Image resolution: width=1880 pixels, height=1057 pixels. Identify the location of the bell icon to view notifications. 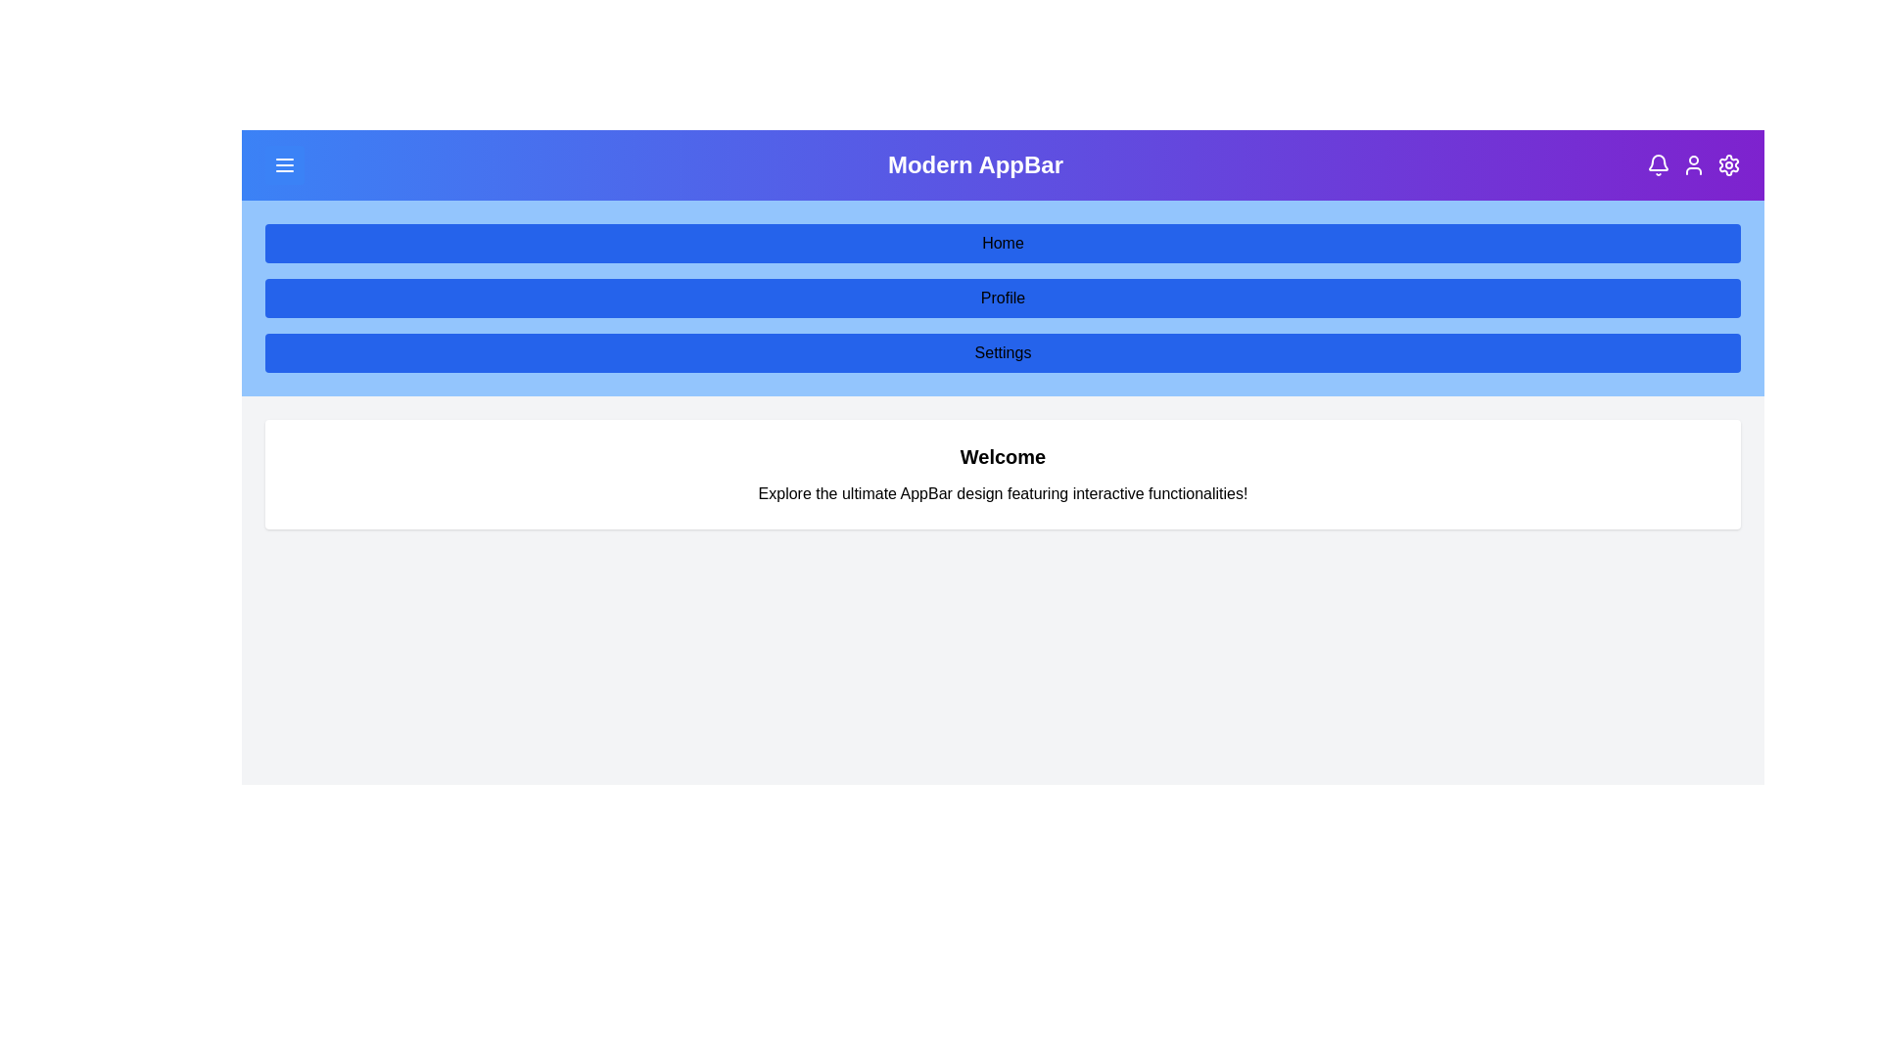
(1658, 164).